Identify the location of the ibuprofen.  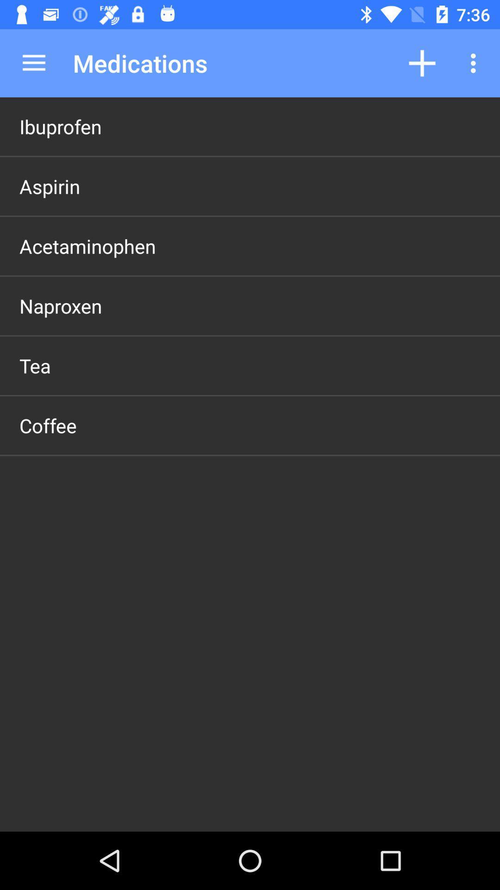
(60, 126).